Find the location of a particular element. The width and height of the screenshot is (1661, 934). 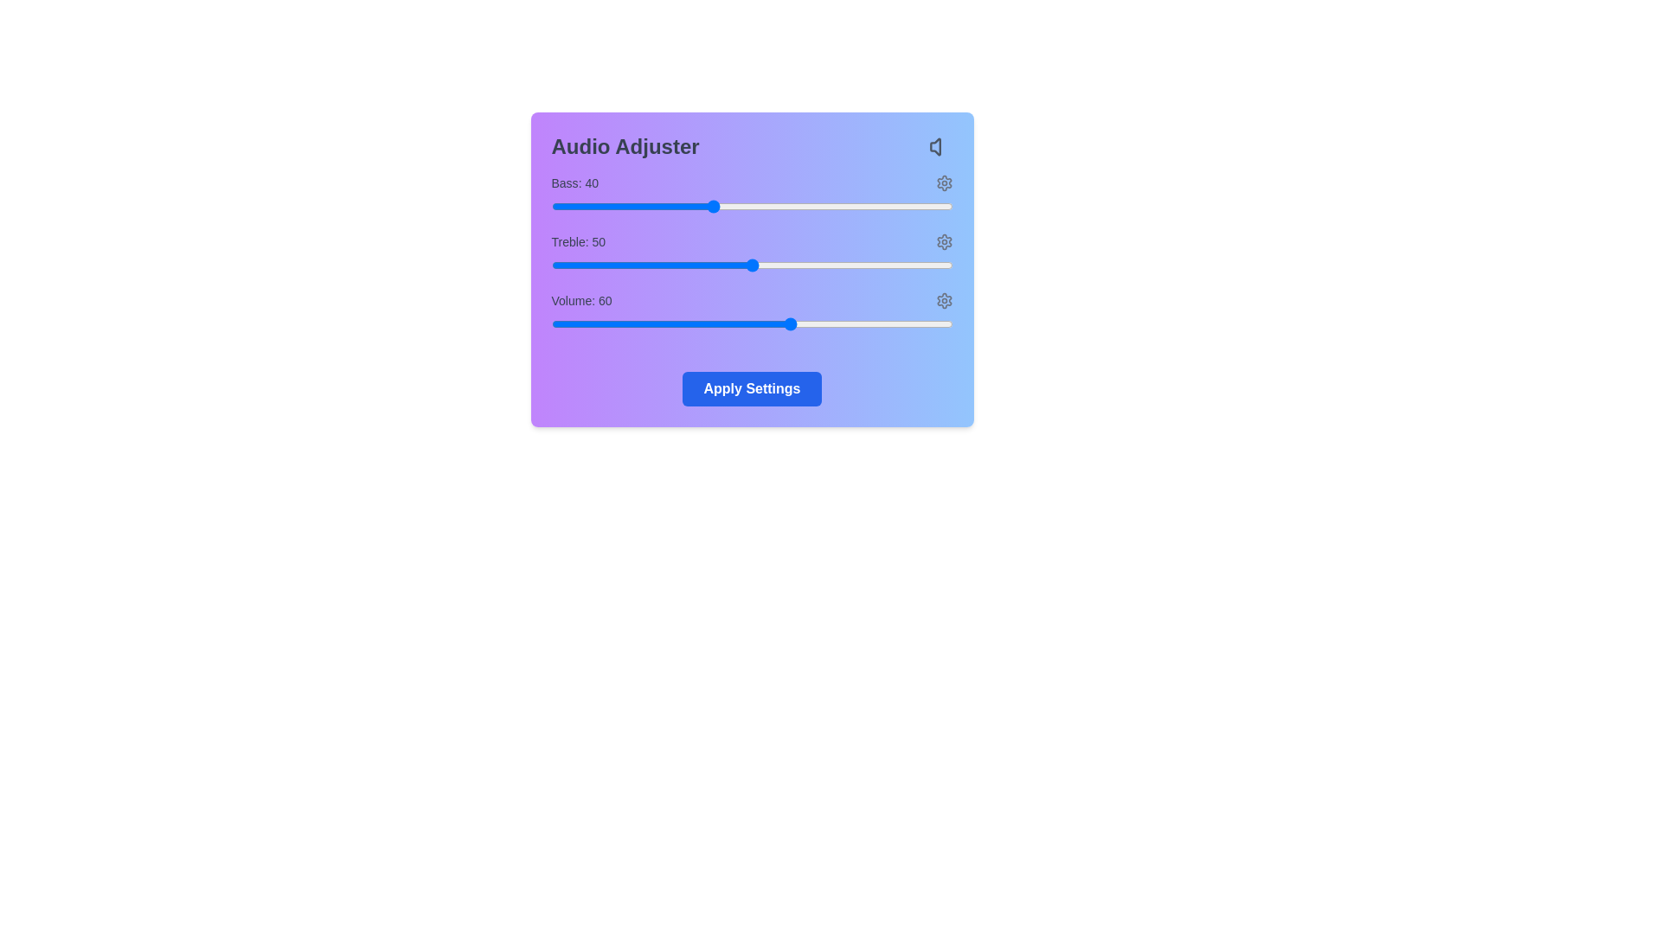

the cogwheel-shaped settings icon located to the right of the 'Treble: 50' slider is located at coordinates (943, 242).